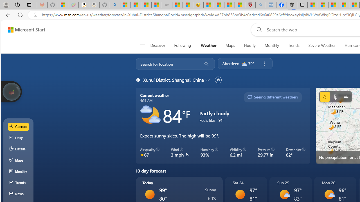  Describe the element at coordinates (209, 152) in the screenshot. I see `'Humidity 93%'` at that location.